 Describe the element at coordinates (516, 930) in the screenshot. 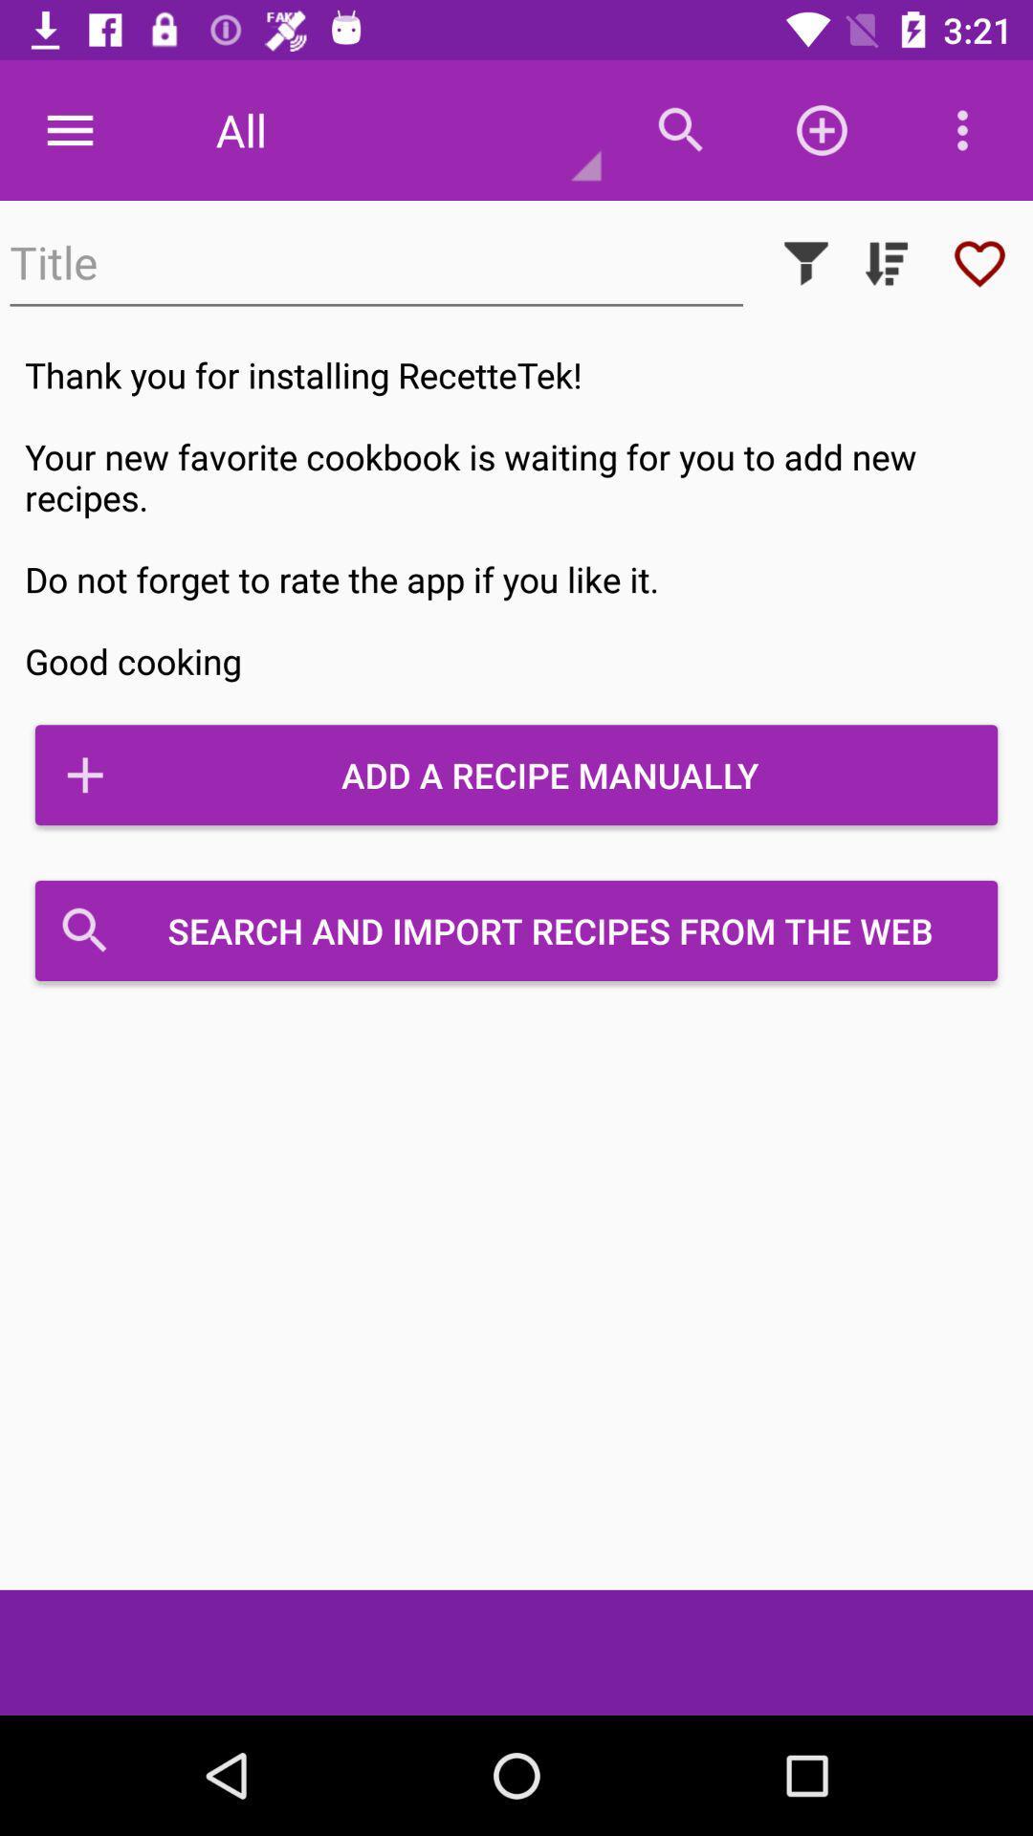

I see `icon below add a recipe item` at that location.